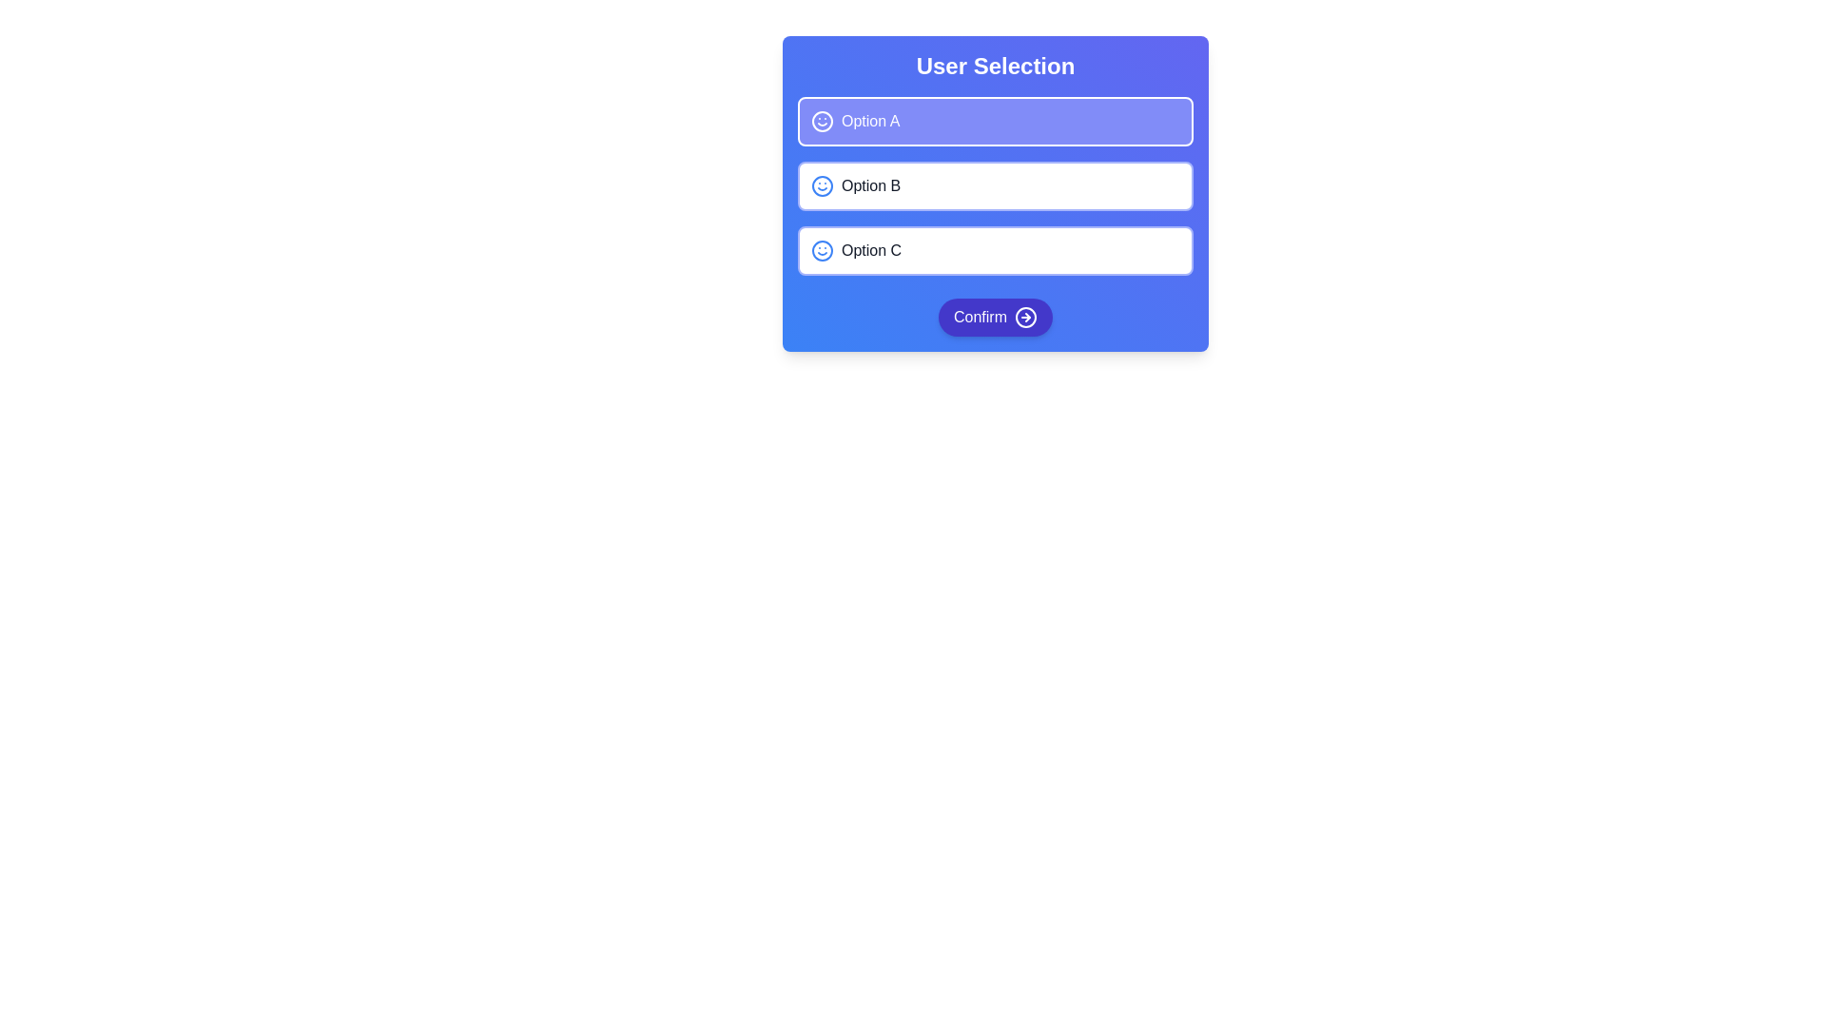 This screenshot has width=1826, height=1027. What do you see at coordinates (822, 121) in the screenshot?
I see `the decorative icon representing 'Option A' in the vertical list of selection choices` at bounding box center [822, 121].